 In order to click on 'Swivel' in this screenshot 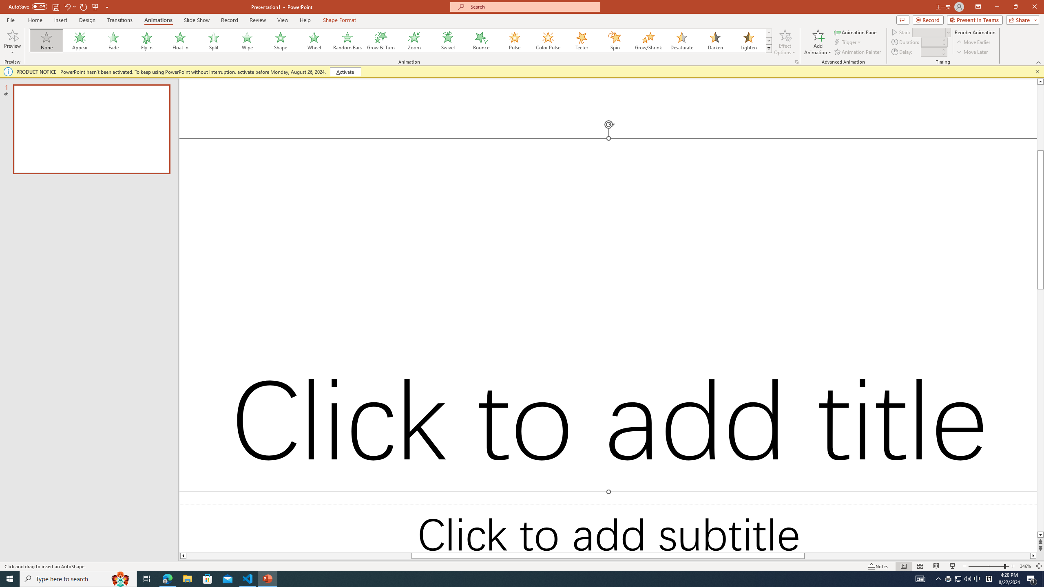, I will do `click(447, 40)`.